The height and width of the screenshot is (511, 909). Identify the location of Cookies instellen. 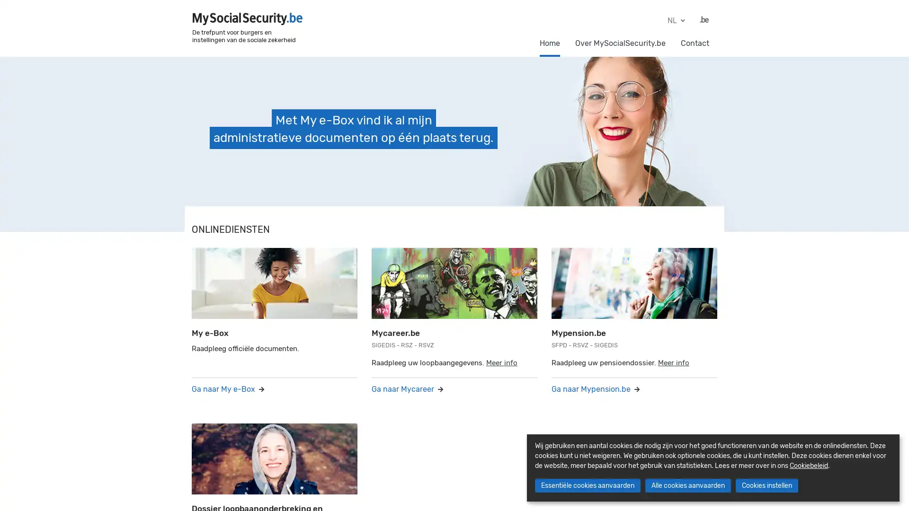
(766, 485).